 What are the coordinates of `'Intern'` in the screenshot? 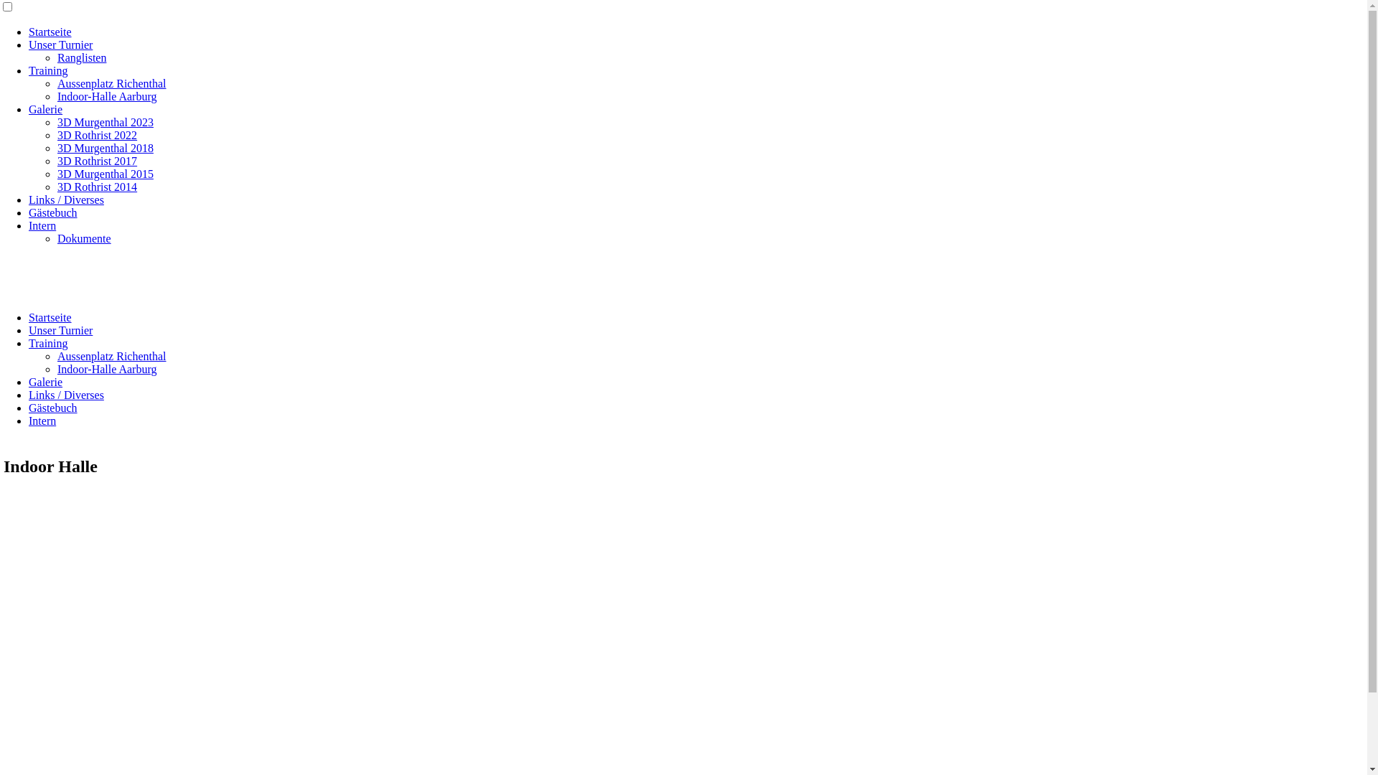 It's located at (42, 420).